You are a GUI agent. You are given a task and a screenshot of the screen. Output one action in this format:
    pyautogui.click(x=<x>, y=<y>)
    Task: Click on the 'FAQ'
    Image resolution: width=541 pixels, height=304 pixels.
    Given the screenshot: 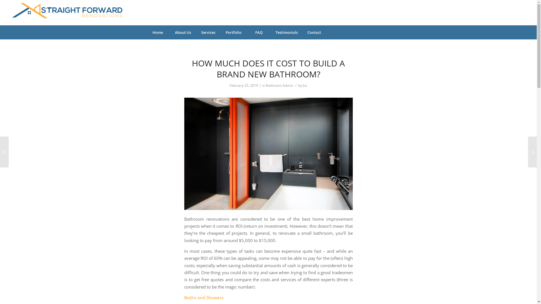 What is the action you would take?
    pyautogui.click(x=258, y=32)
    